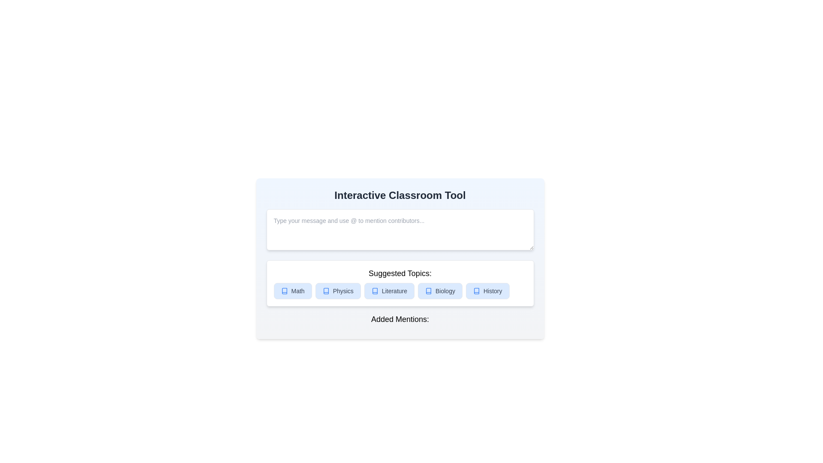 The image size is (823, 463). What do you see at coordinates (389, 290) in the screenshot?
I see `the 'Literature' button, which is a light blue rectangular button with rounded corners located in the 'Suggested Topics' section` at bounding box center [389, 290].